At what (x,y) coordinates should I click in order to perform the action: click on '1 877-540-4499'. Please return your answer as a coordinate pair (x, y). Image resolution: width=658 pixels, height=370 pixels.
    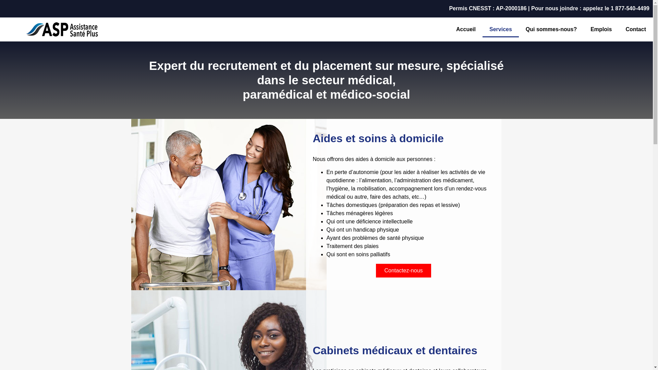
    Looking at the image, I should click on (630, 8).